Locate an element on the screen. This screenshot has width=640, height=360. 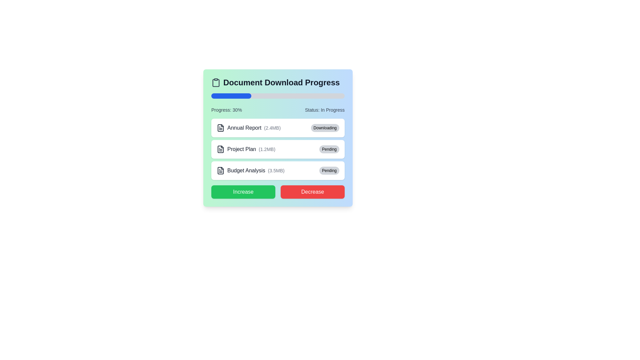
the icon representing the document file for 'Project Plan (1.2MB)', which is the second item in the list of downloadable documents is located at coordinates (221, 149).